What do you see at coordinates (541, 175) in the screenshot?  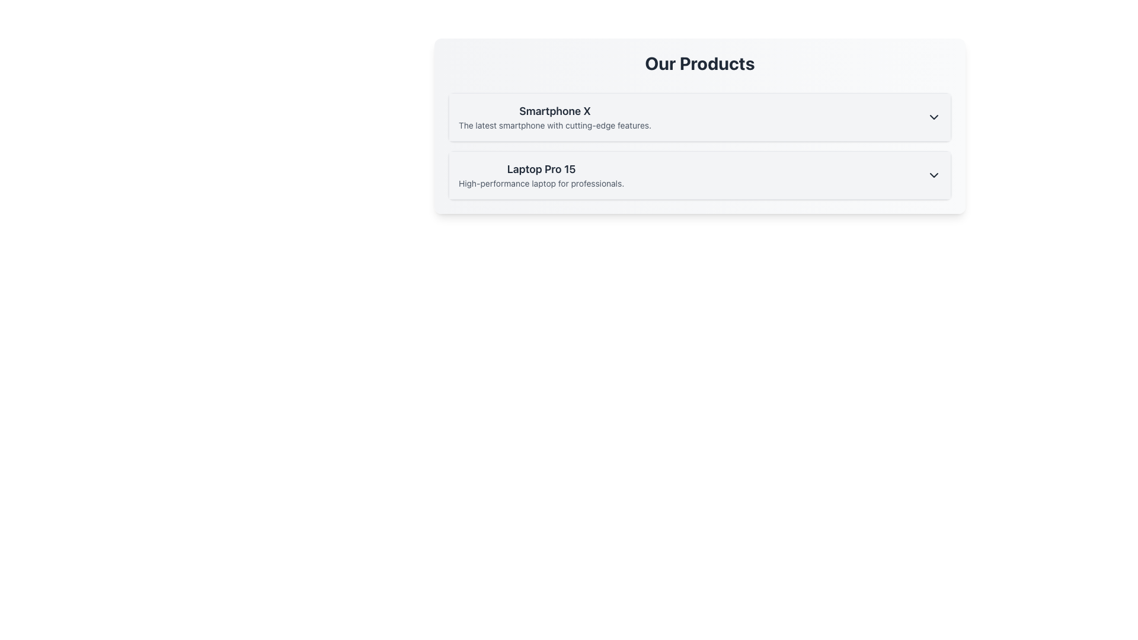 I see `the text element presenting the title and description of a product, specifically the second item` at bounding box center [541, 175].